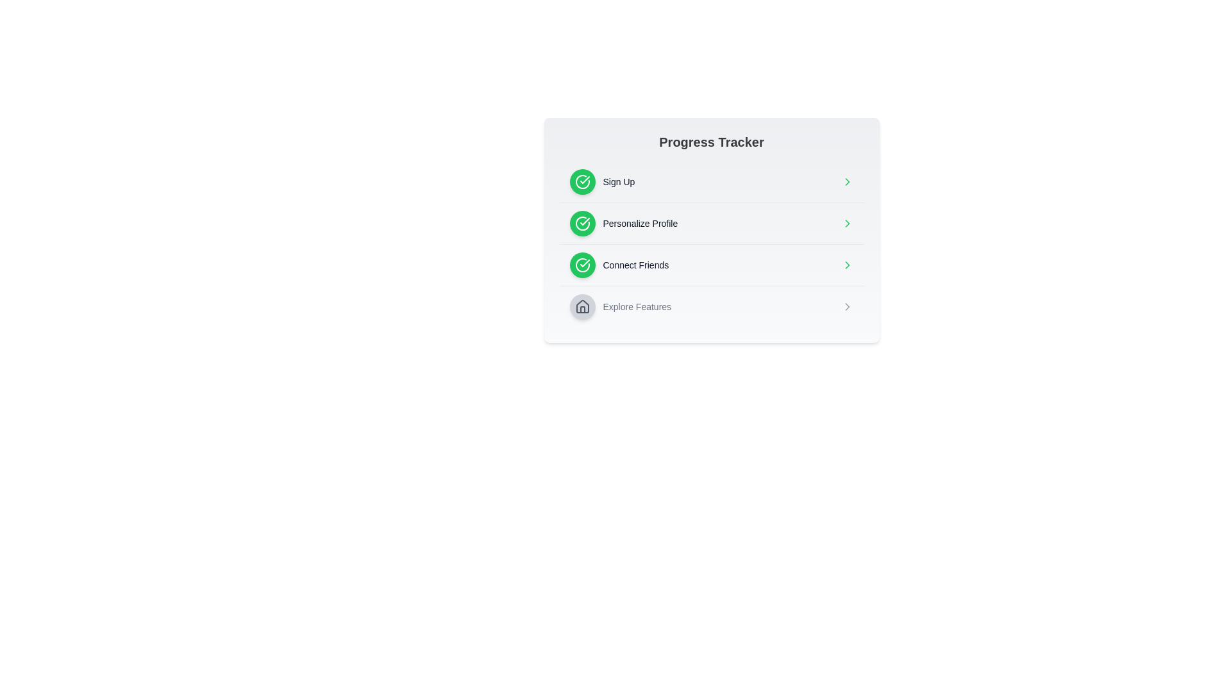 The width and height of the screenshot is (1231, 692). I want to click on the Navigation item located in the 'Progress Tracker' card, which is the last item in a vertically stacked list, so click(710, 306).